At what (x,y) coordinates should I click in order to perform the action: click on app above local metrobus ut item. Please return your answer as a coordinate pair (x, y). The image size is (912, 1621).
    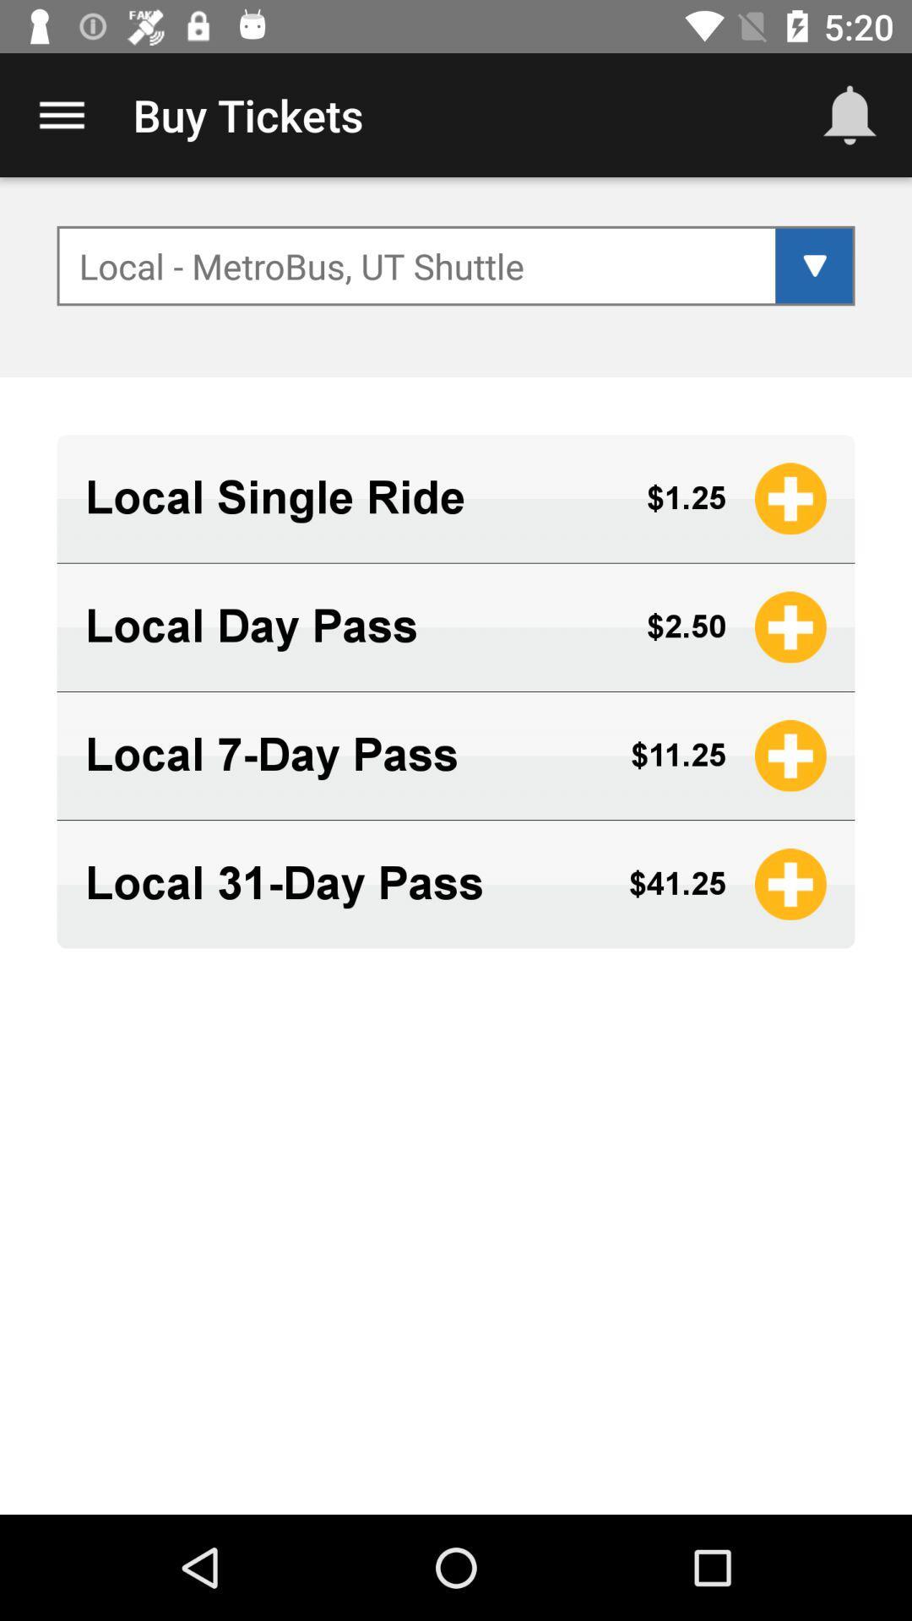
    Looking at the image, I should click on (61, 114).